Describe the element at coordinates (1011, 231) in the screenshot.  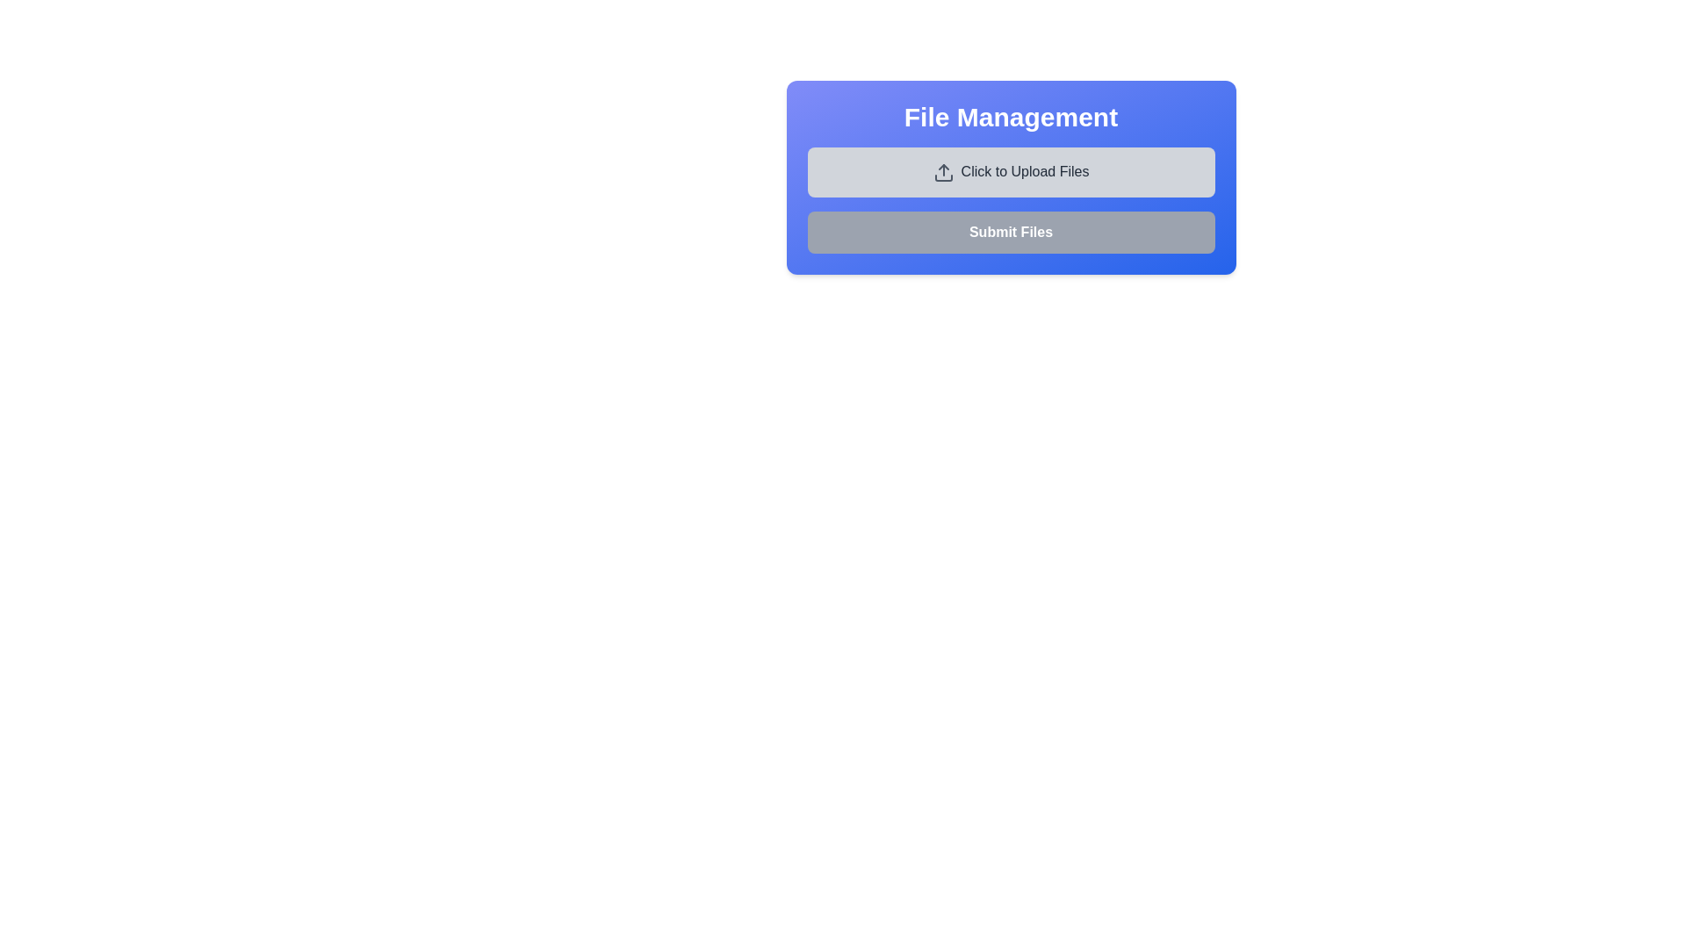
I see `the disabled submit button located within the 'File Management' panel, which is directly below the 'Click to Upload Files' button` at that location.